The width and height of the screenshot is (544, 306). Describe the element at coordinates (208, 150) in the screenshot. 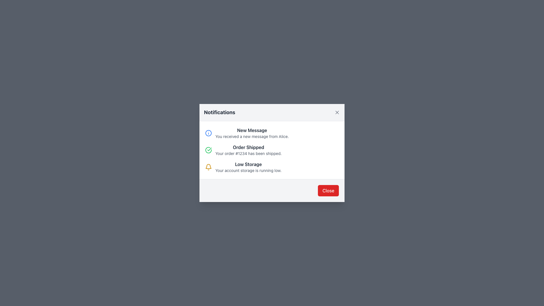

I see `the checkmark icon inside the green circle in the second notification item of the 'Order Shipped' modal window` at that location.